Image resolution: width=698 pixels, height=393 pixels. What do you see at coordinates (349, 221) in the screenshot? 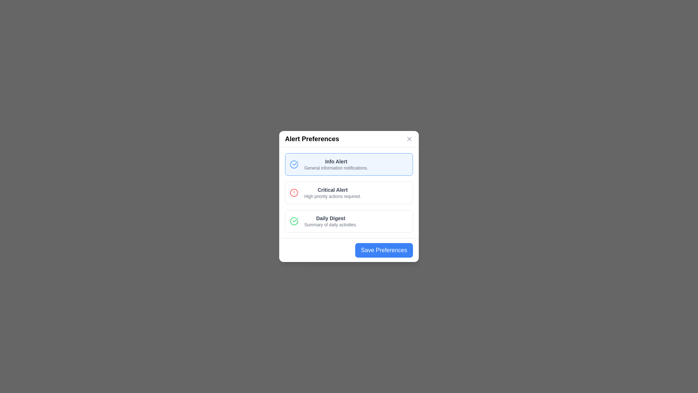
I see `the alert option Daily Digest from the list` at bounding box center [349, 221].